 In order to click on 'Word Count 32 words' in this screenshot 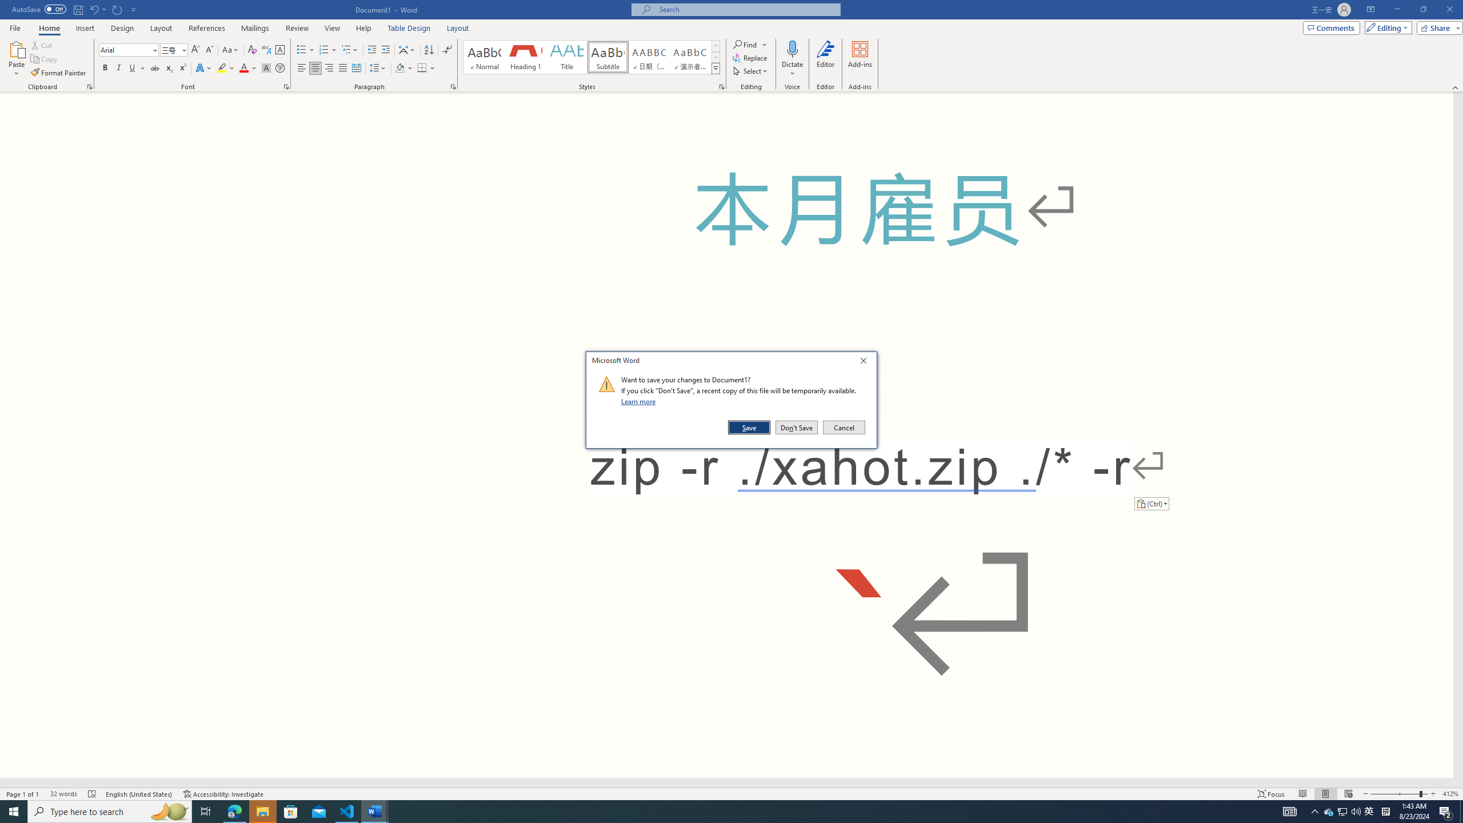, I will do `click(63, 794)`.